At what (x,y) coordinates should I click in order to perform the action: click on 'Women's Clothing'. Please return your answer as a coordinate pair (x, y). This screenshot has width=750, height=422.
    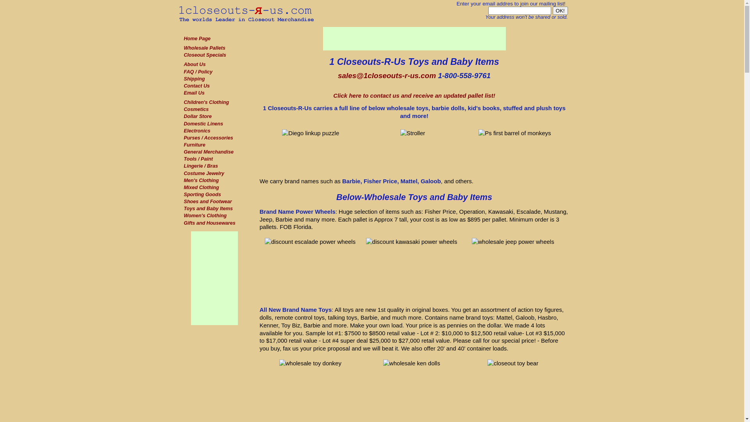
    Looking at the image, I should click on (205, 215).